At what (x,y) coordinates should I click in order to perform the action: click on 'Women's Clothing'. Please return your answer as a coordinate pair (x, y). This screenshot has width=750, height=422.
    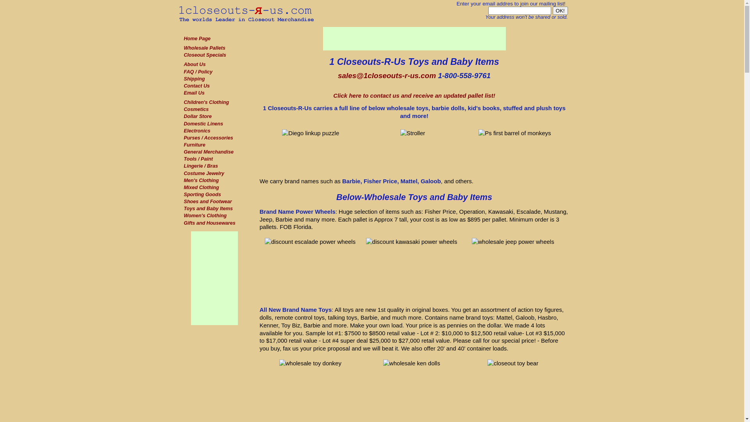
    Looking at the image, I should click on (205, 215).